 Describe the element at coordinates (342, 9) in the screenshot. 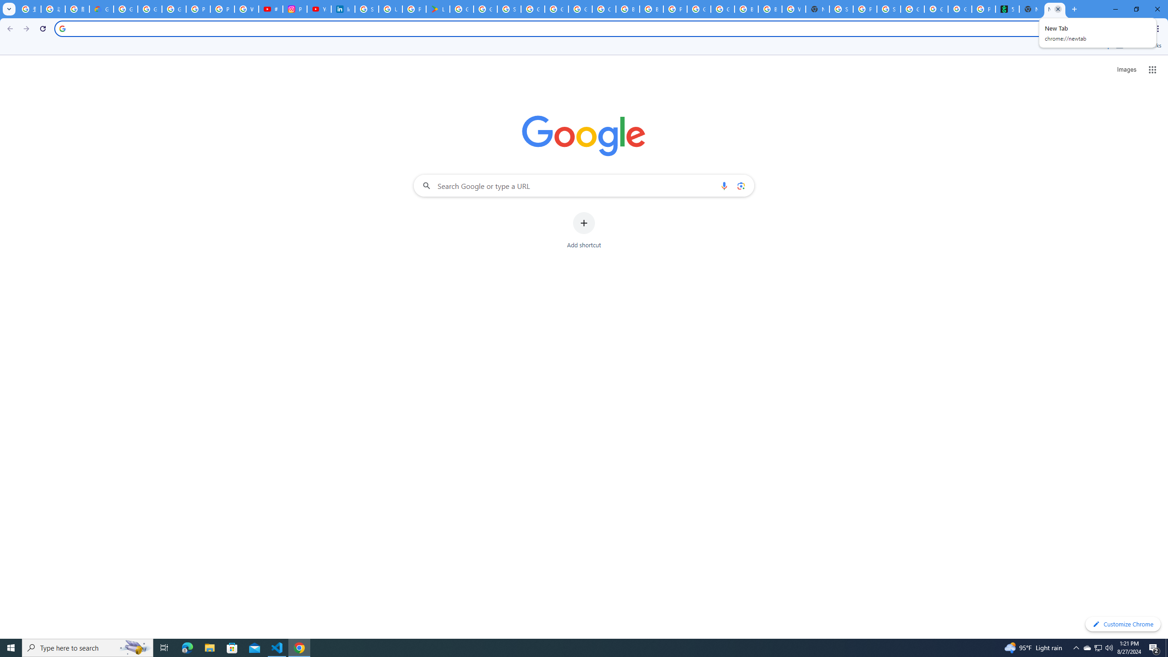

I see `'Identity verification via Persona | LinkedIn Help'` at that location.